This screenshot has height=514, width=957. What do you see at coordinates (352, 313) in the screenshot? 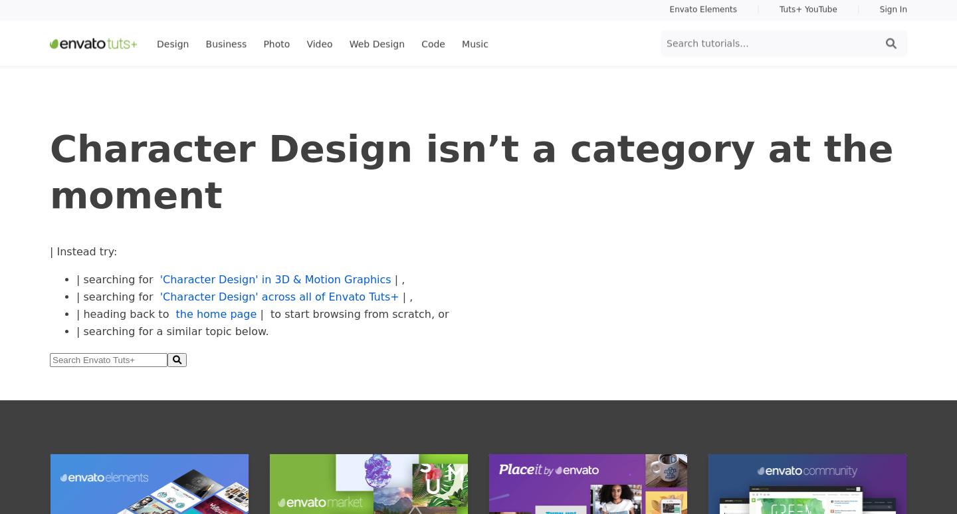
I see `'|  to start browsing from scratch, or'` at bounding box center [352, 313].